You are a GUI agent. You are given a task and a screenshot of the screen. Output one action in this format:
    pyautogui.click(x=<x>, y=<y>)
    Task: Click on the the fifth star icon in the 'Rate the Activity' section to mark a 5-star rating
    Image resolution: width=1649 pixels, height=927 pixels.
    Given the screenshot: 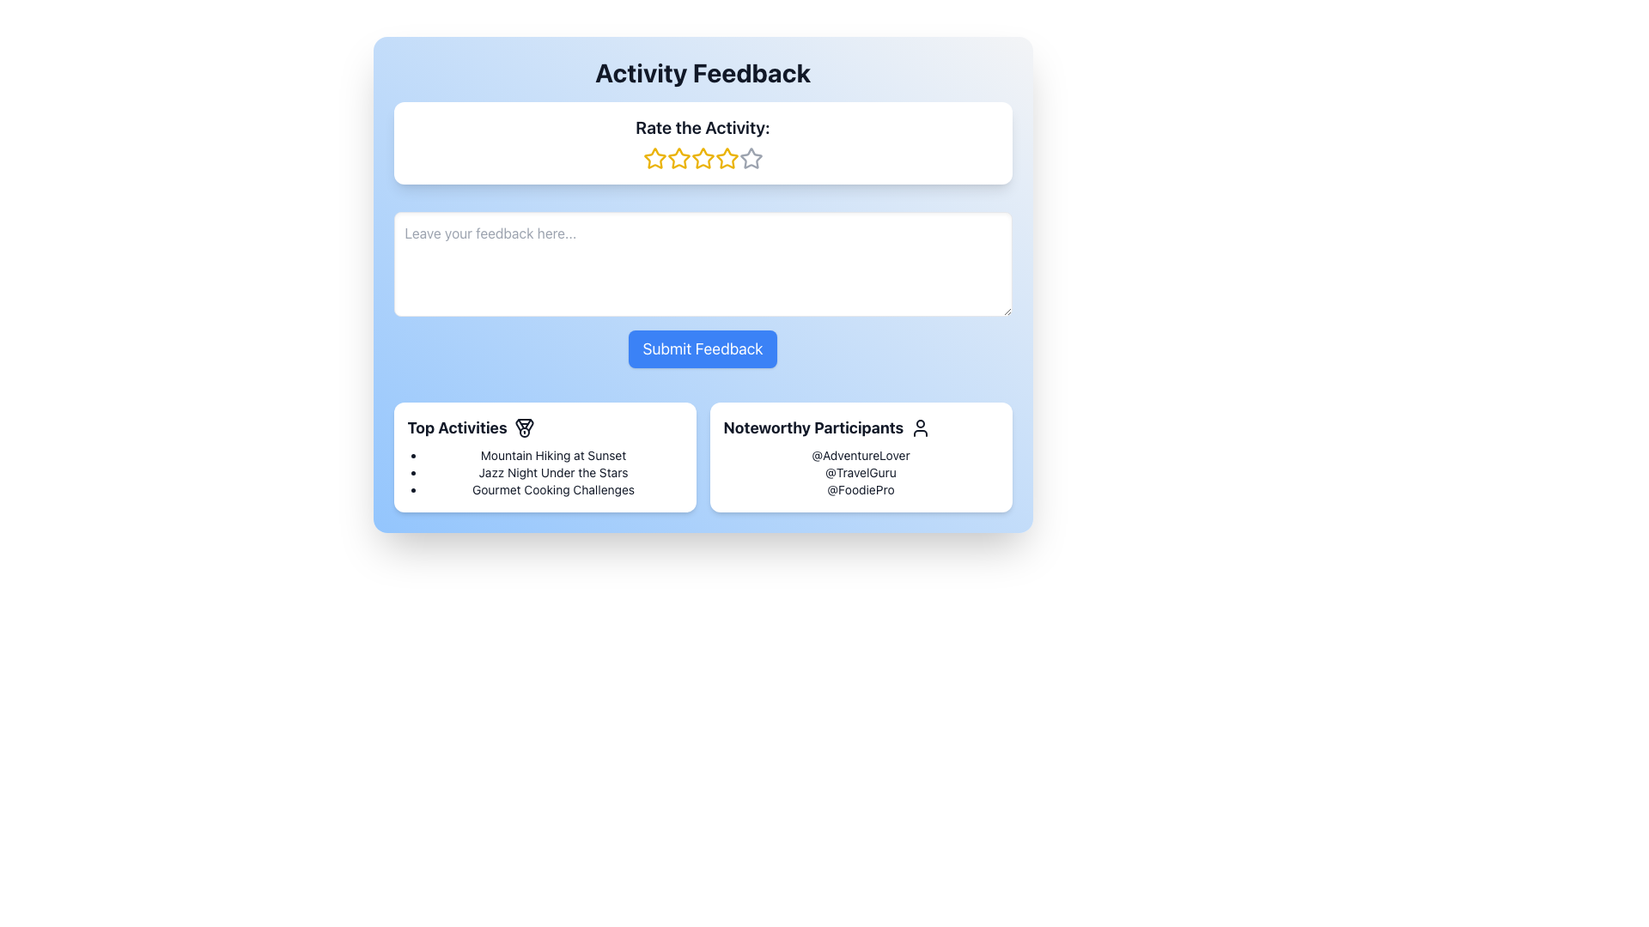 What is the action you would take?
    pyautogui.click(x=751, y=158)
    